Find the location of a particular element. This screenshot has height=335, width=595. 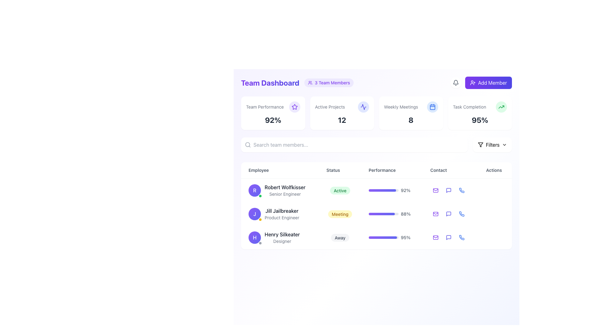

the blue phone icon in the 'Contact' column of the third row in the table is located at coordinates (461, 237).